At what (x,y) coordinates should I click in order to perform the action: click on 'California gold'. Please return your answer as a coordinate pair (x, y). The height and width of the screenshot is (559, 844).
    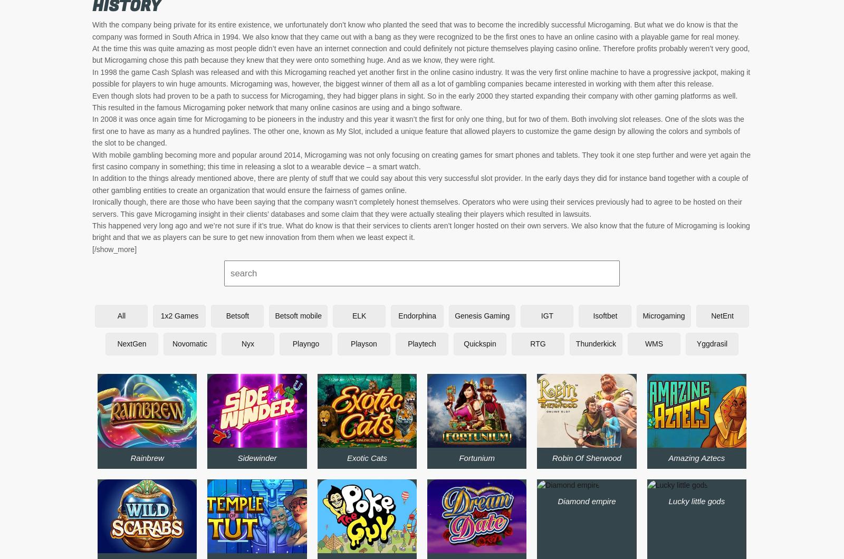
    Looking at the image, I should click on (476, 165).